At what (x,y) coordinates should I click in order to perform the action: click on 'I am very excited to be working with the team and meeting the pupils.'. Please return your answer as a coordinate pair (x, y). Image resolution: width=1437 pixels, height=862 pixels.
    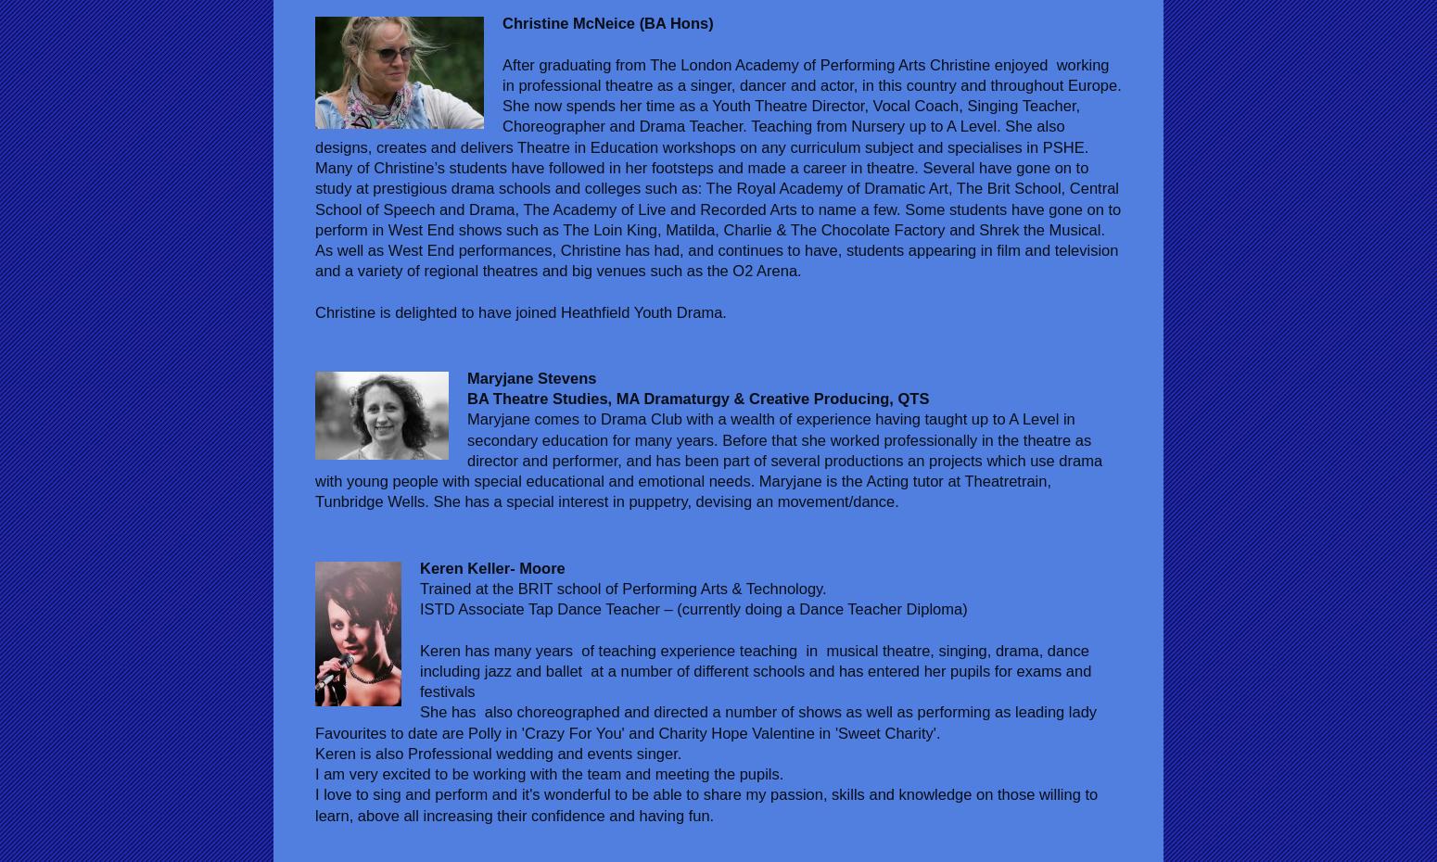
    Looking at the image, I should click on (551, 772).